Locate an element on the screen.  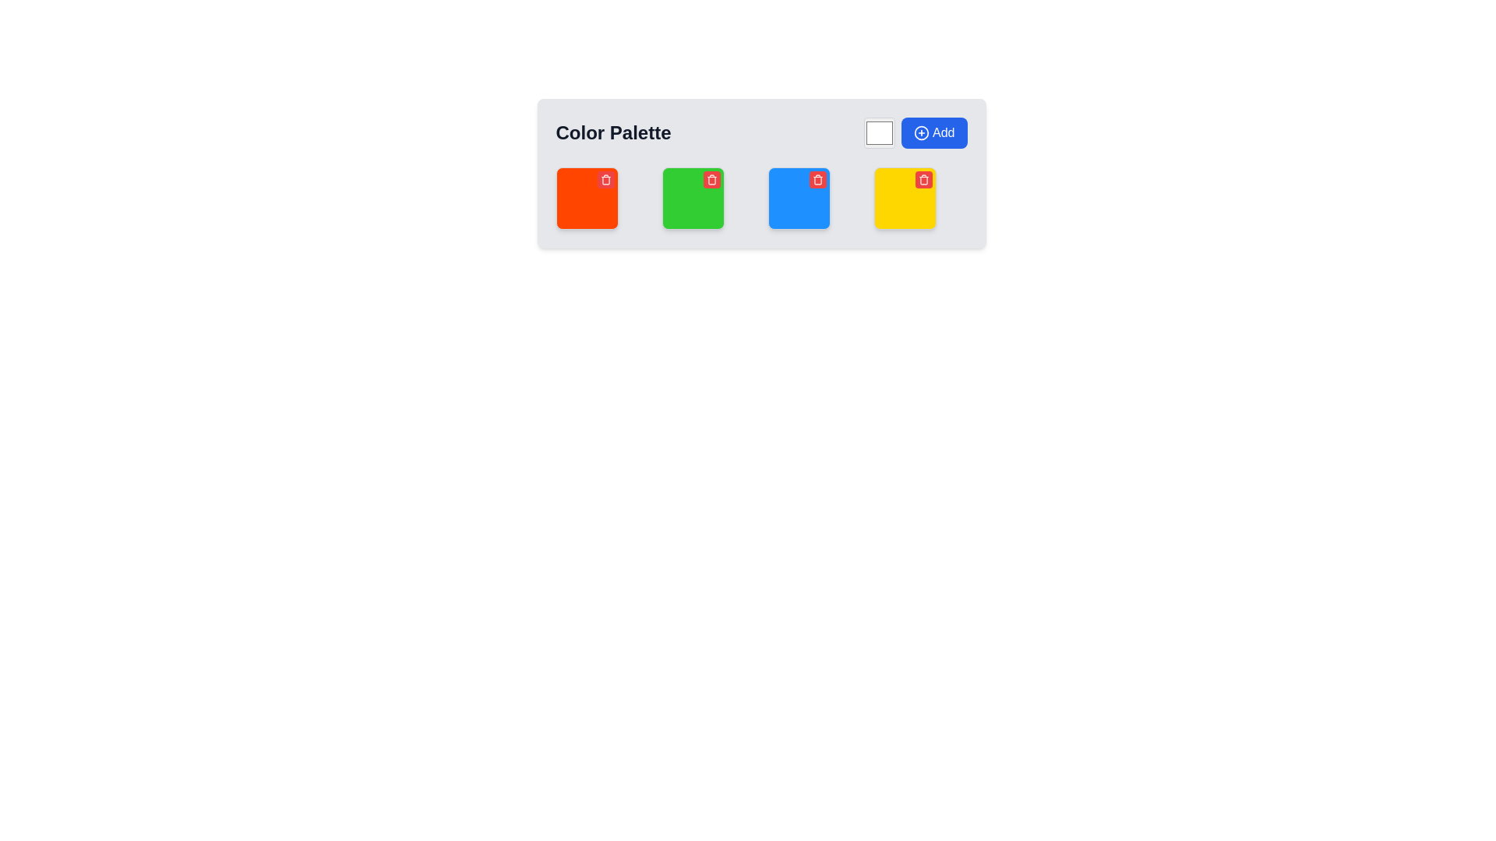
the interactive color selection tile with a bright yellow background located in the fourth position of the color palette grid is located at coordinates (905, 197).